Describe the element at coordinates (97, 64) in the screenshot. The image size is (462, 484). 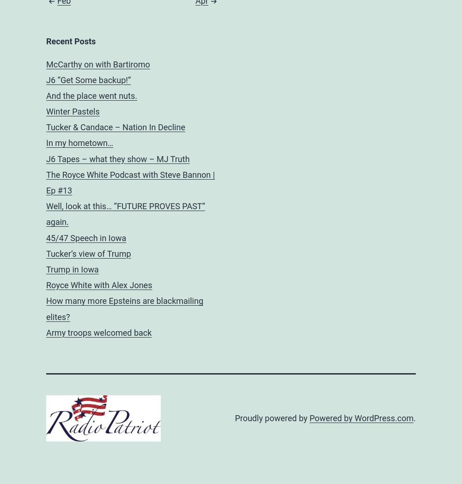
I see `'McCarthy on with Bartiromo'` at that location.